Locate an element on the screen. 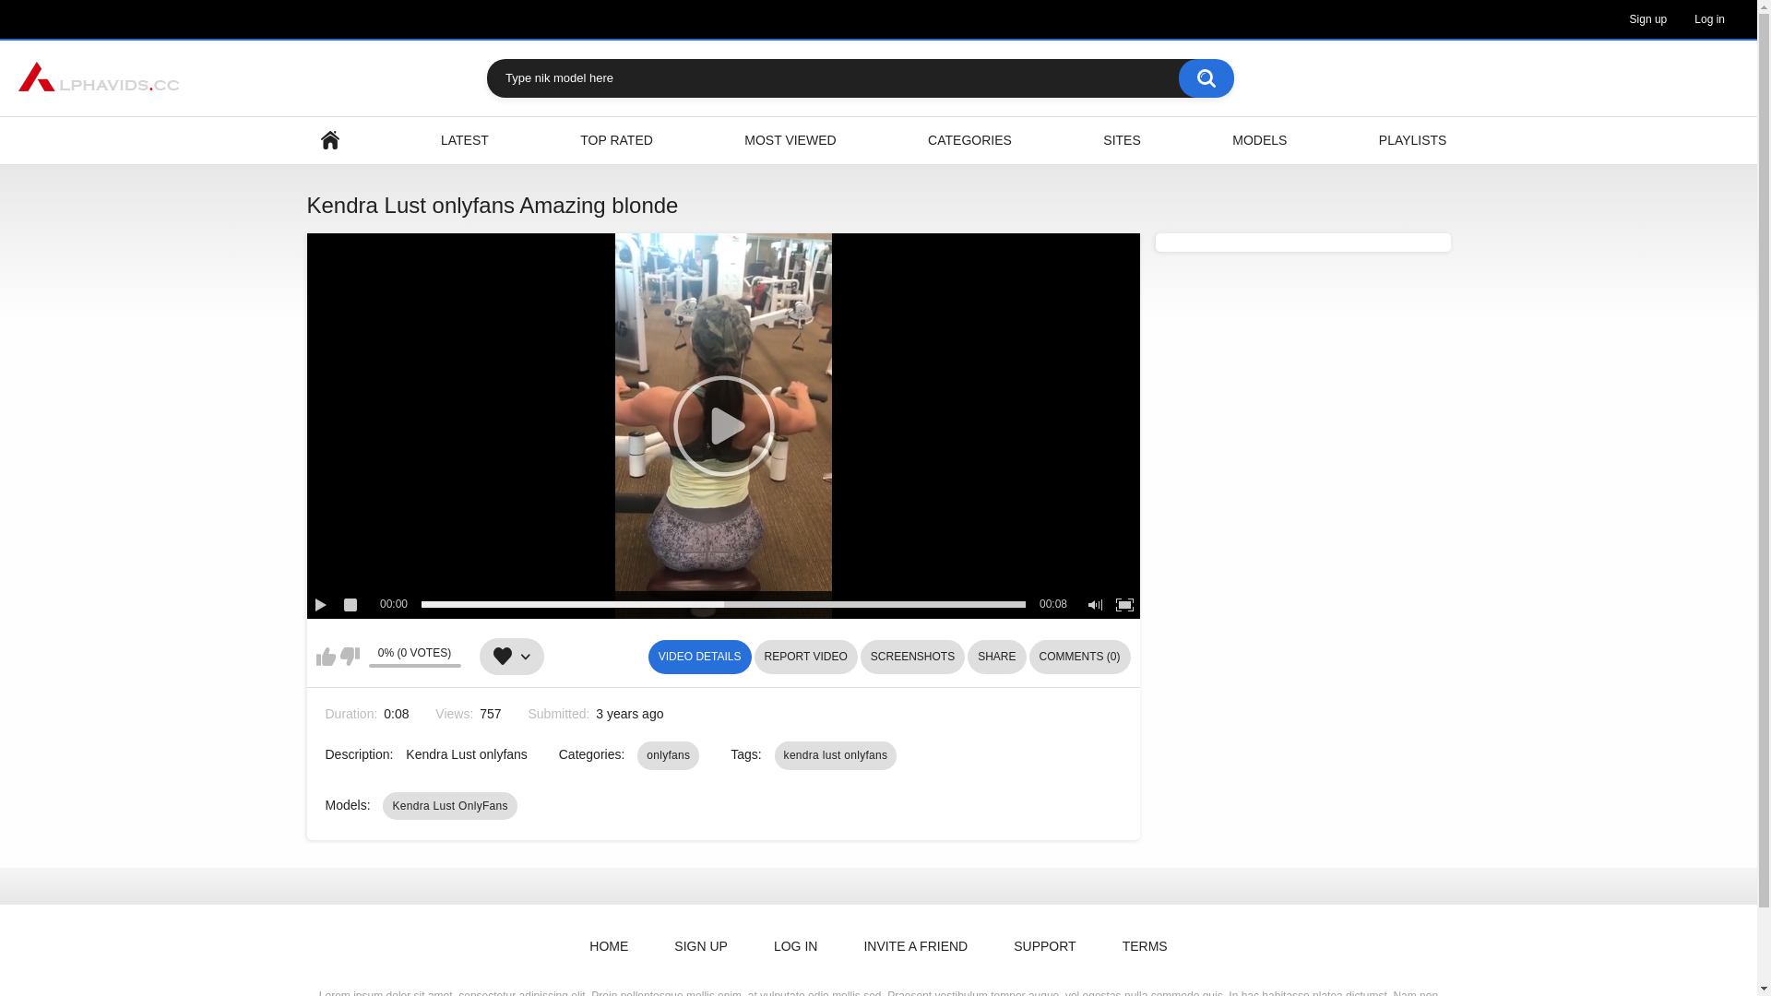 The width and height of the screenshot is (1771, 996). 'SUPPORT' is located at coordinates (994, 946).